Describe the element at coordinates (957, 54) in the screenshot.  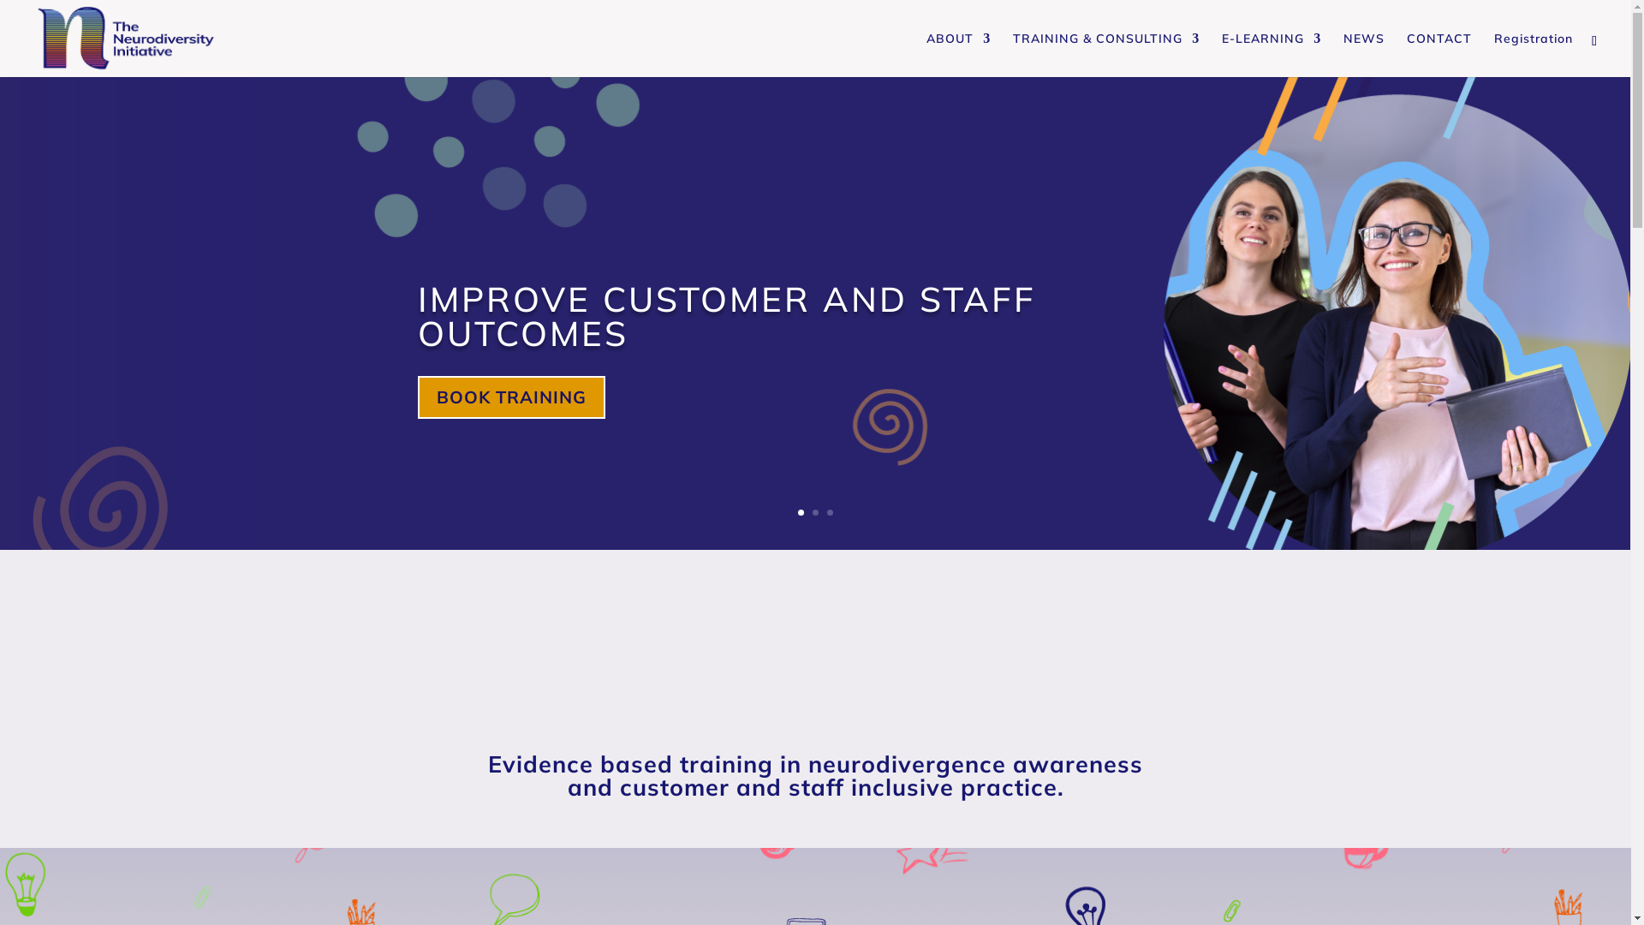
I see `'ABOUT'` at that location.